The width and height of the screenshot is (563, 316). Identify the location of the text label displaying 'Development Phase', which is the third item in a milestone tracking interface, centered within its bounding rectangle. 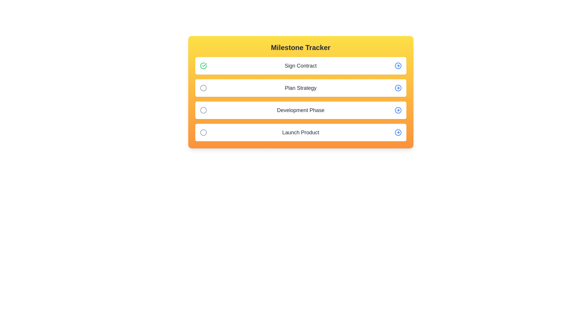
(301, 110).